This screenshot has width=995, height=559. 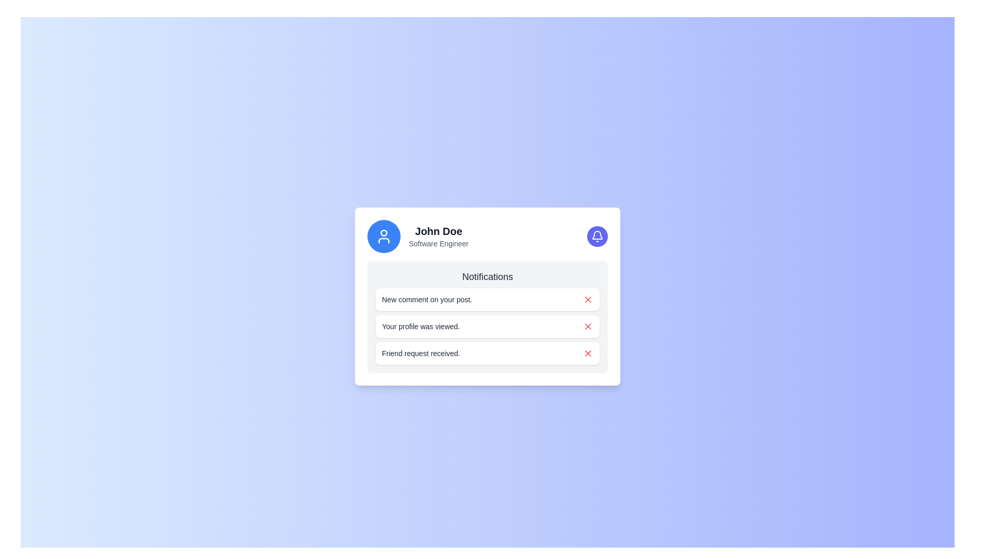 What do you see at coordinates (588, 299) in the screenshot?
I see `the red 'X' icon/button that highlights when hovered, located at the far right of the notification item with text 'New comment on your post.'` at bounding box center [588, 299].